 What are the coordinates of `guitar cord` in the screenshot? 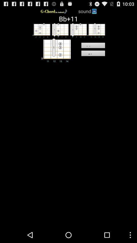 It's located at (78, 30).